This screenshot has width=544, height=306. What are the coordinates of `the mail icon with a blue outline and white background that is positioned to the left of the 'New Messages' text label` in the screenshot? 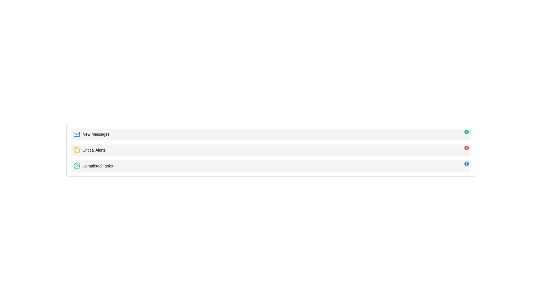 It's located at (76, 134).